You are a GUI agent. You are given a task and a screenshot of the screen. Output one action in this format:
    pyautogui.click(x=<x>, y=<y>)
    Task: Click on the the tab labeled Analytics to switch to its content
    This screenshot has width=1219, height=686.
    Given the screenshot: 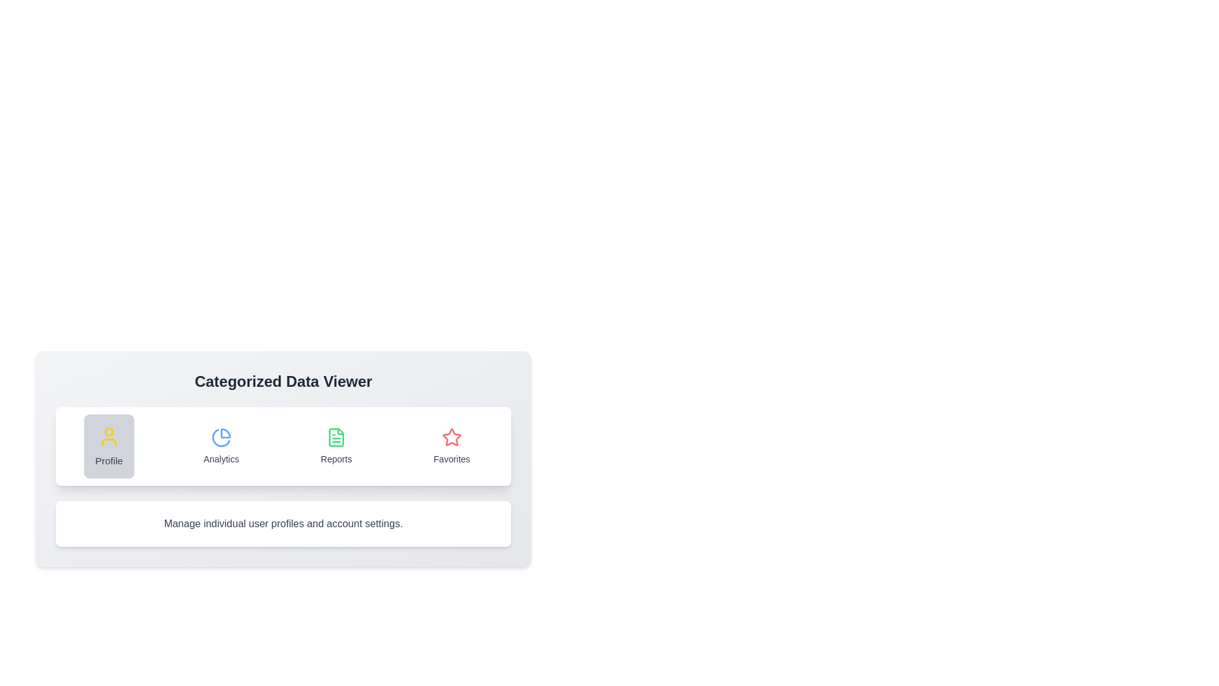 What is the action you would take?
    pyautogui.click(x=220, y=445)
    